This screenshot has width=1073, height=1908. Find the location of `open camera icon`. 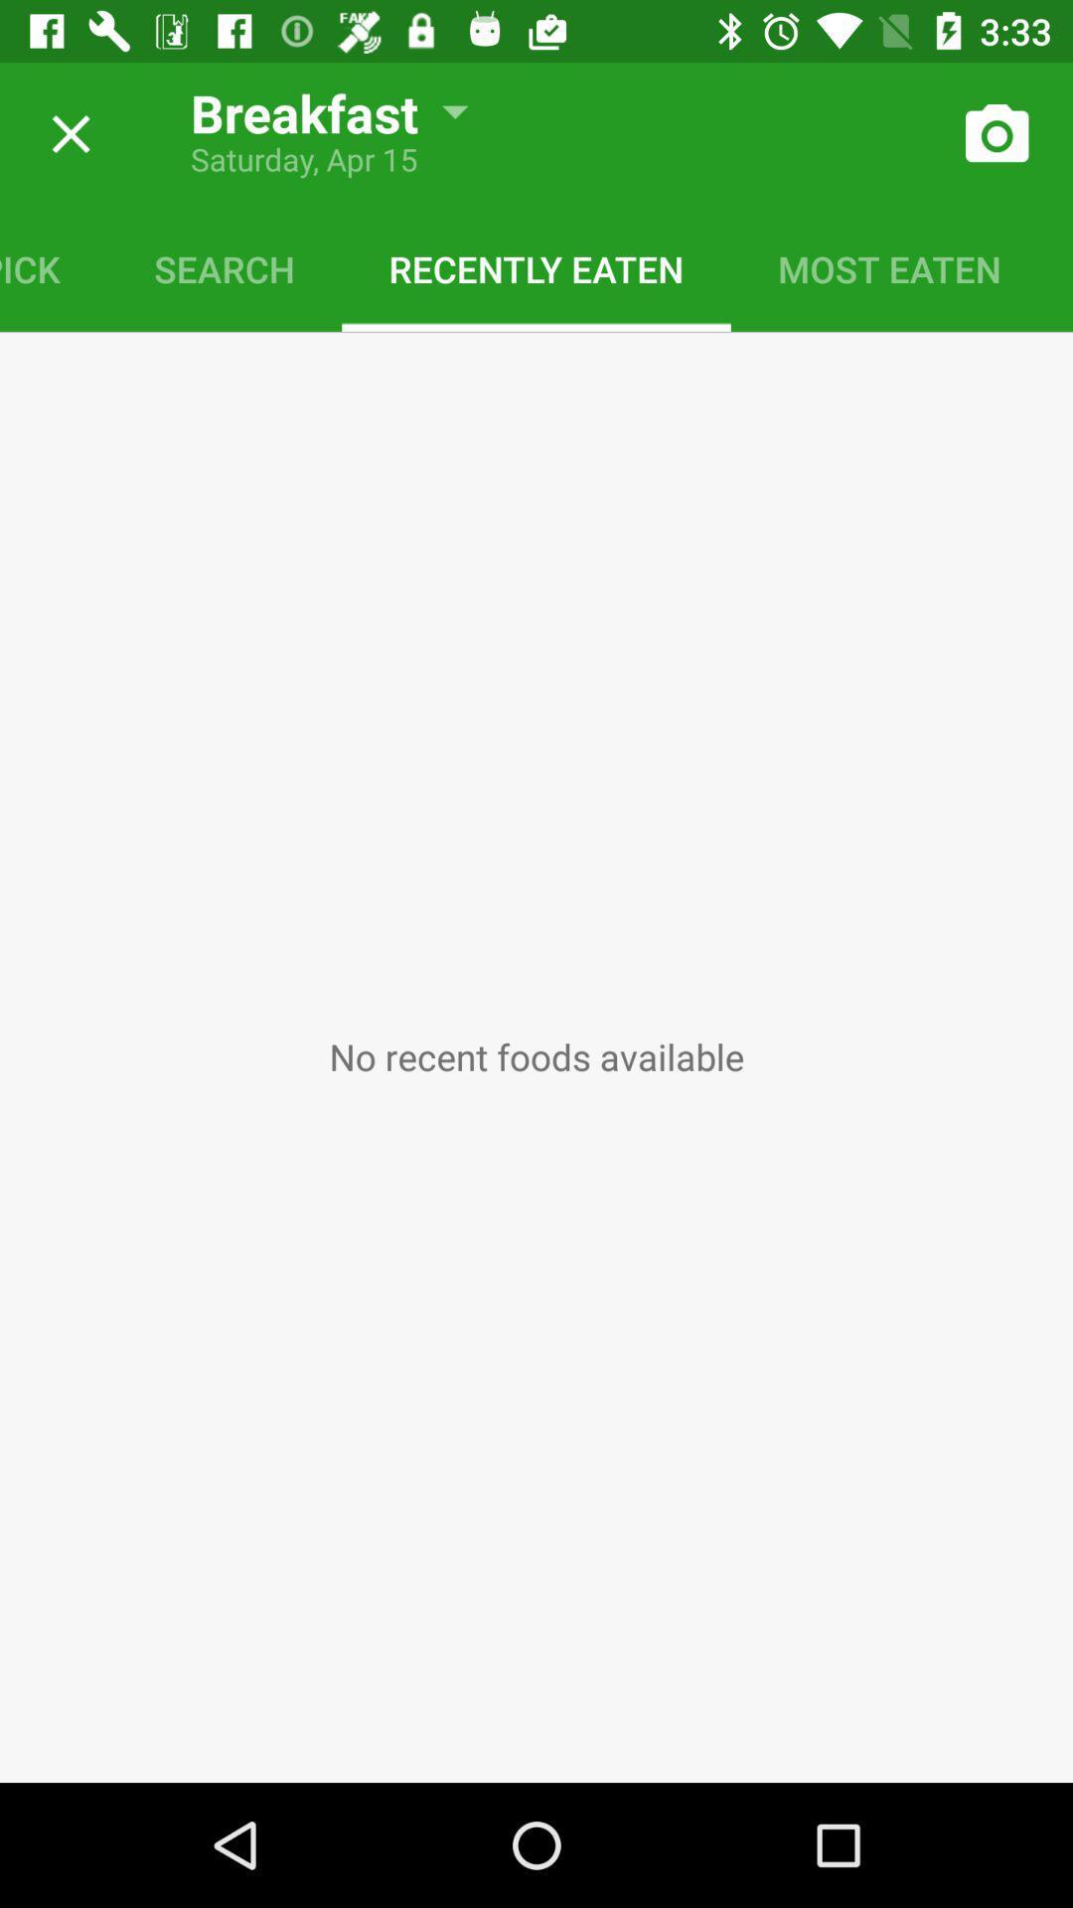

open camera icon is located at coordinates (996, 133).